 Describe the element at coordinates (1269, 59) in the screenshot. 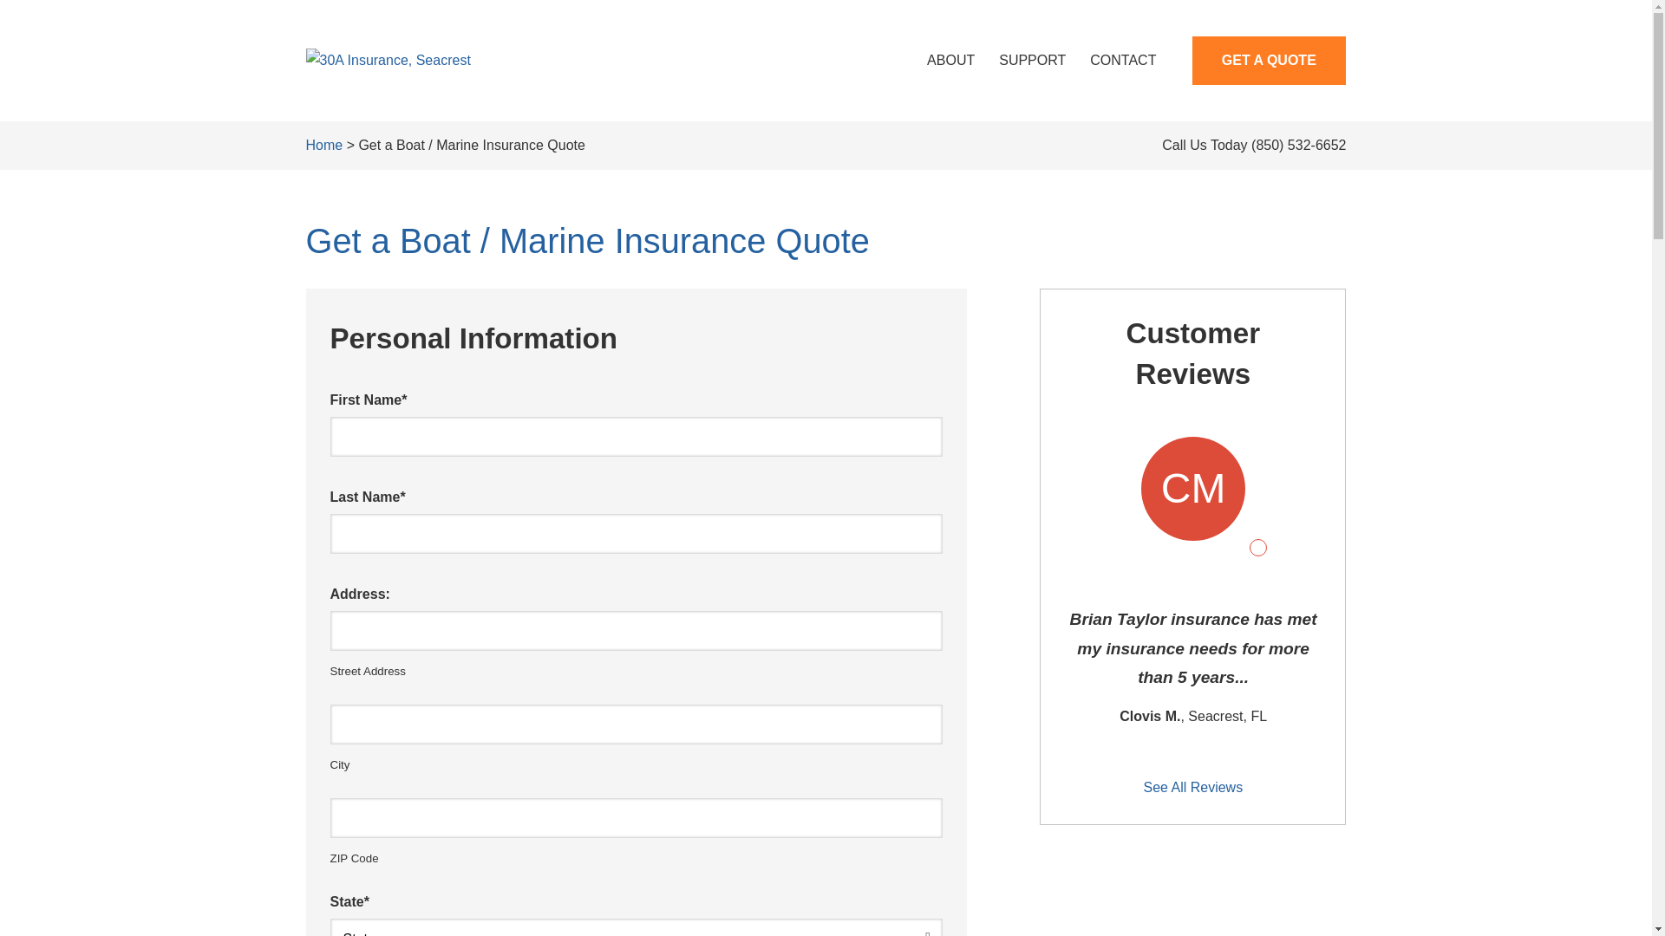

I see `'GET A QUOTE` at that location.